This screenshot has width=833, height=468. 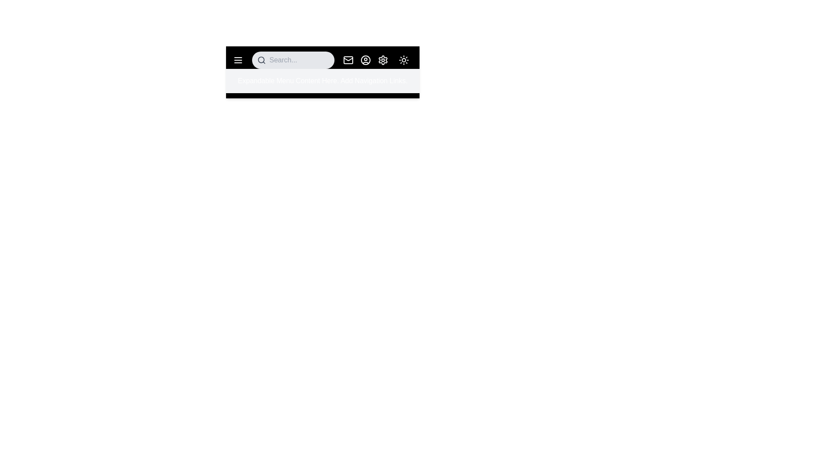 What do you see at coordinates (293, 59) in the screenshot?
I see `the search bar to focus the input field` at bounding box center [293, 59].